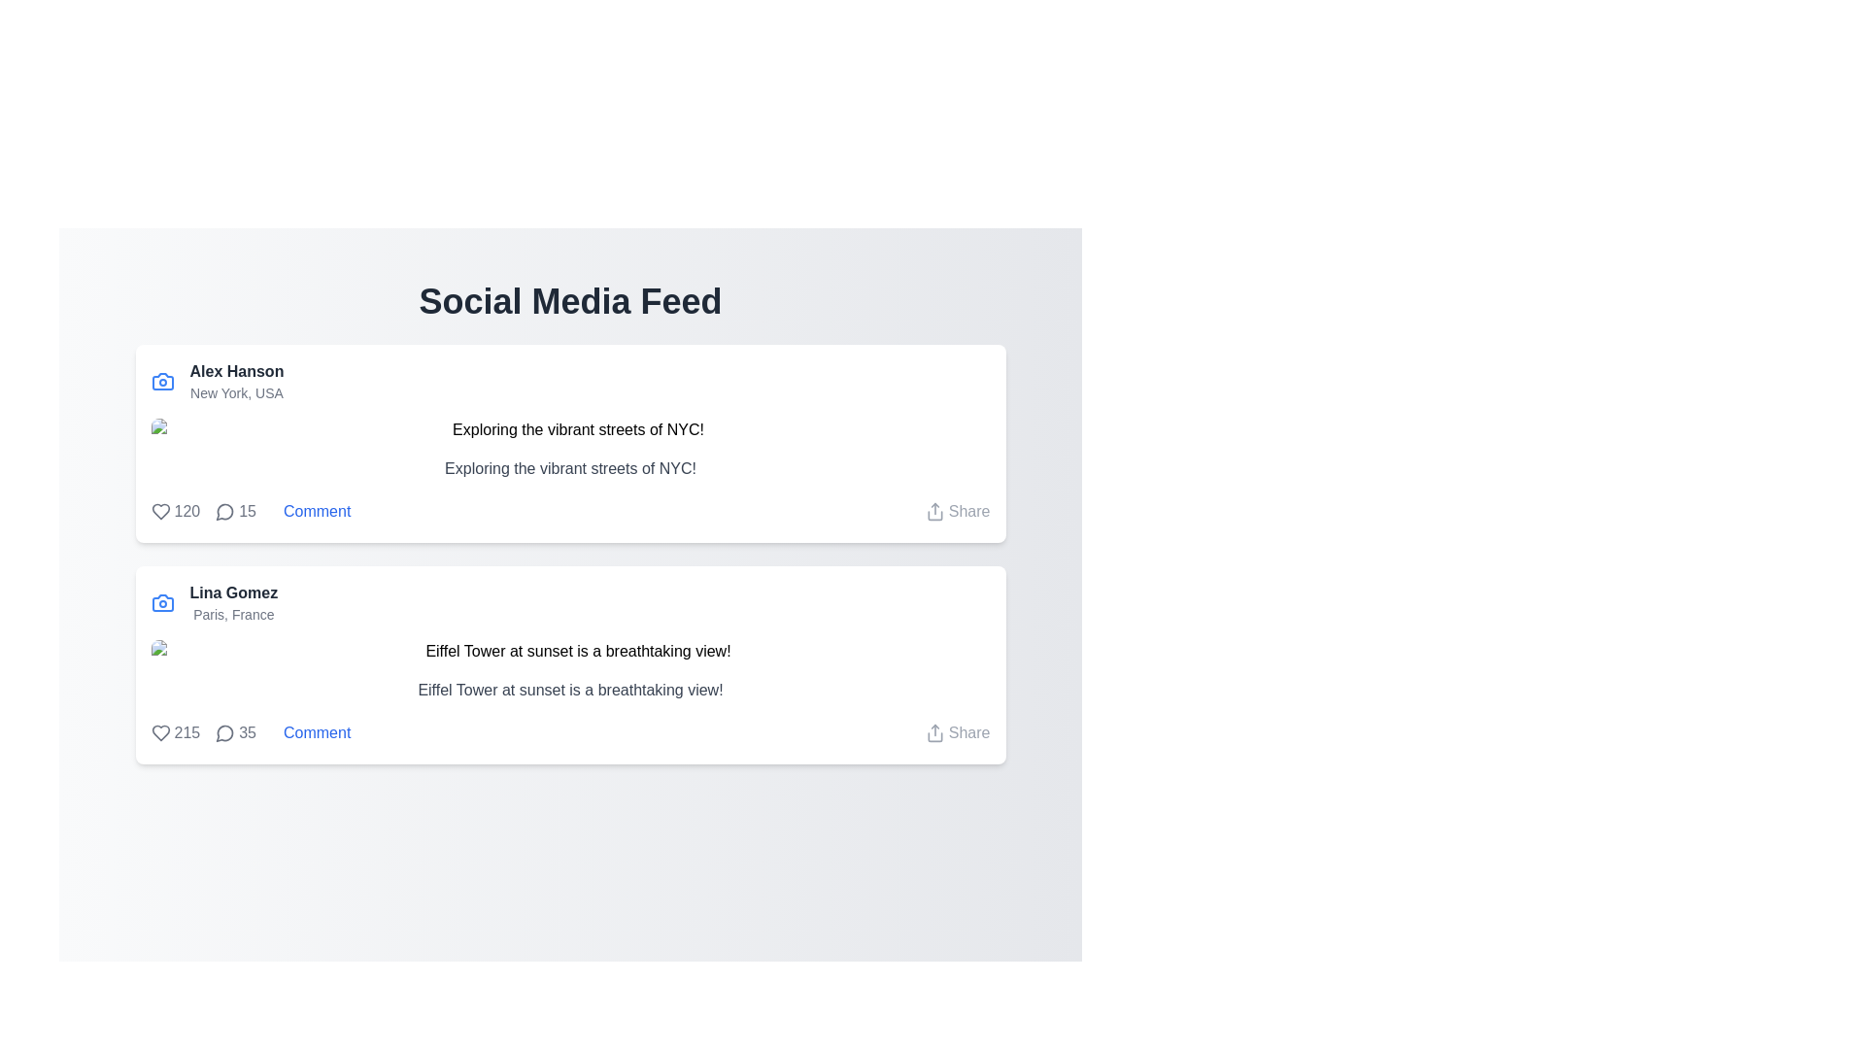  I want to click on the comment icon located to the left of the text displaying '35' comments, so click(225, 733).